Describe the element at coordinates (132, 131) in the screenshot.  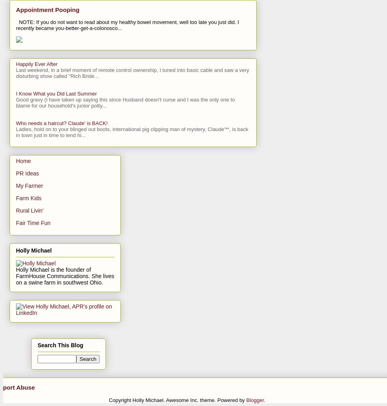
I see `'Ladies, hold on to your blinged out boots, international pig clipping man of mystery, Claude'**, is back in town just in time to lend hi...'` at that location.